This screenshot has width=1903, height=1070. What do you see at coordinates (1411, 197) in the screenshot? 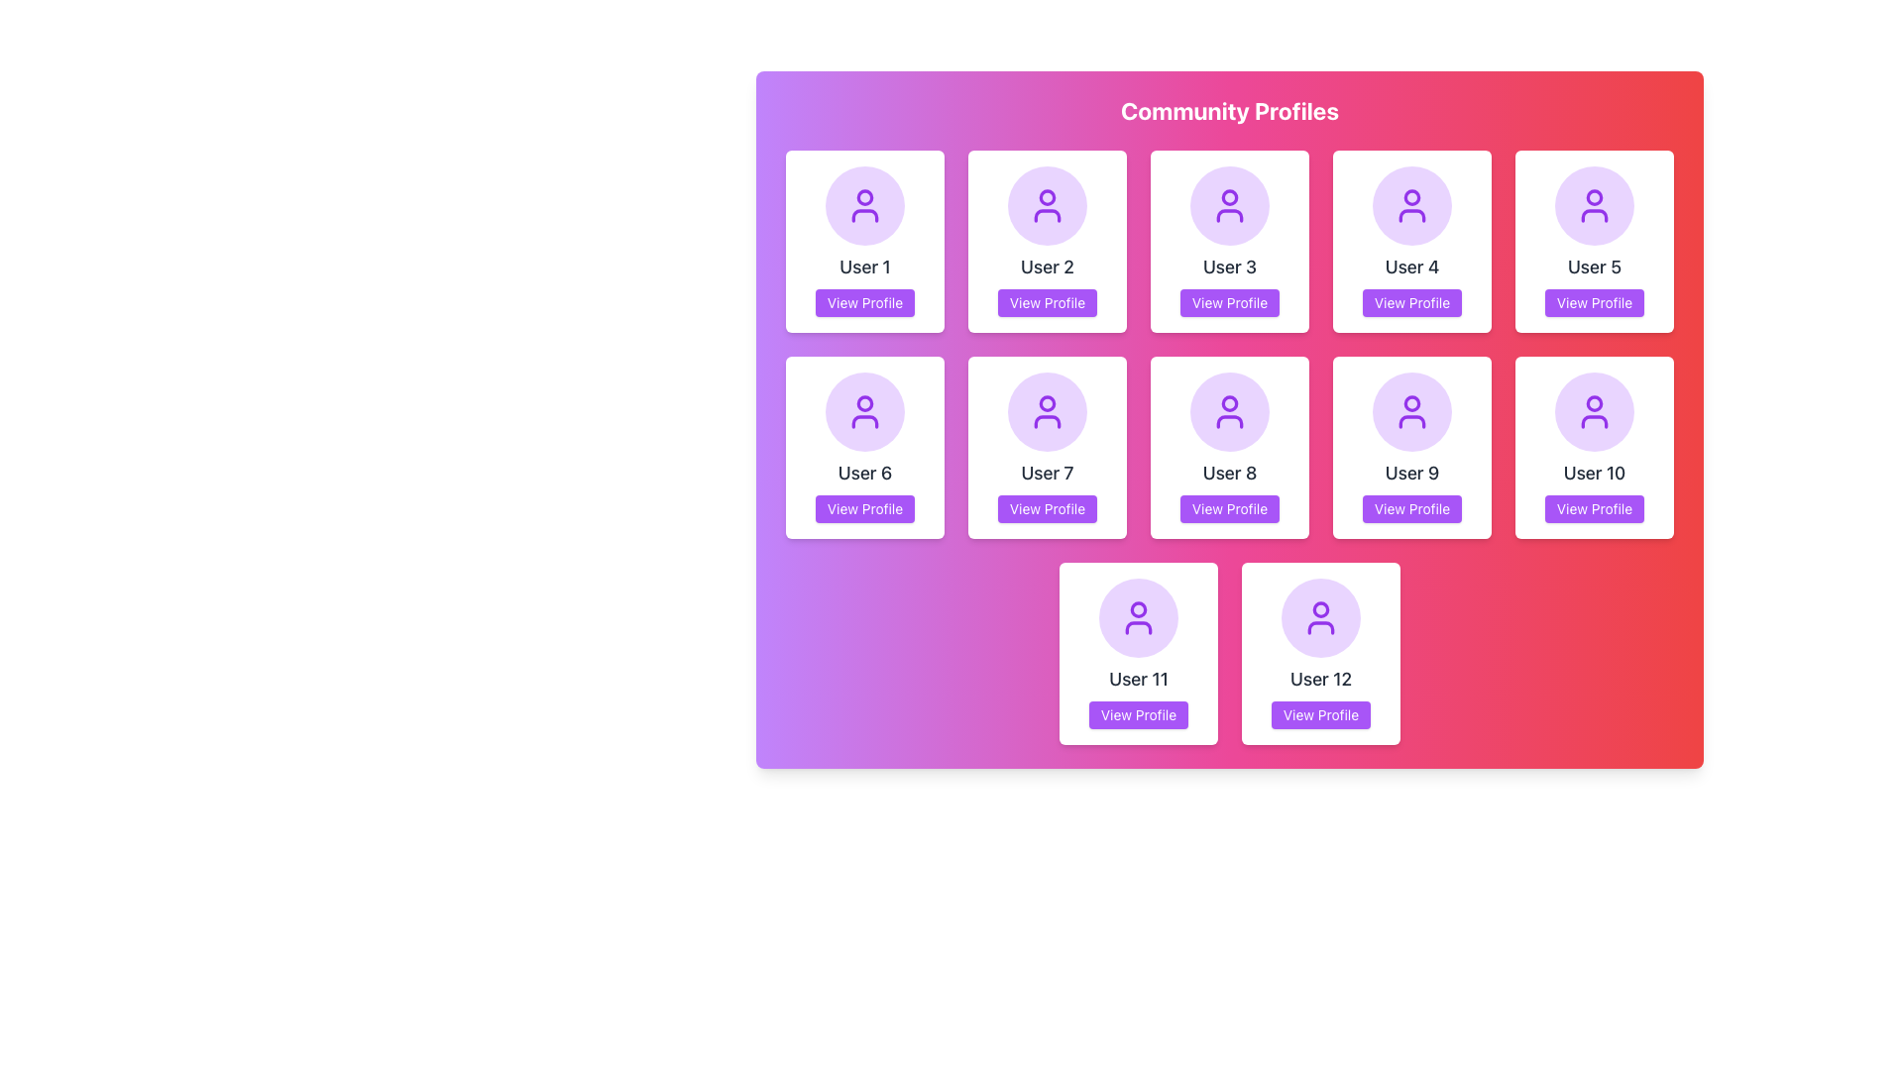
I see `the small purple circular decorative icon located in the center of the user avatar icon for 'User 4' in the profile card grid` at bounding box center [1411, 197].